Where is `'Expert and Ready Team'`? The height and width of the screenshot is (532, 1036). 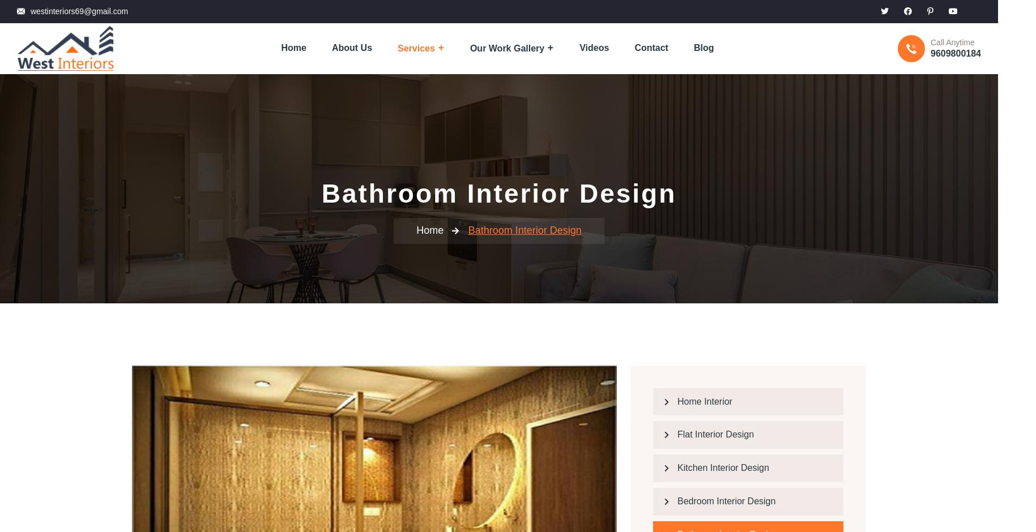
'Expert and Ready Team' is located at coordinates (451, 262).